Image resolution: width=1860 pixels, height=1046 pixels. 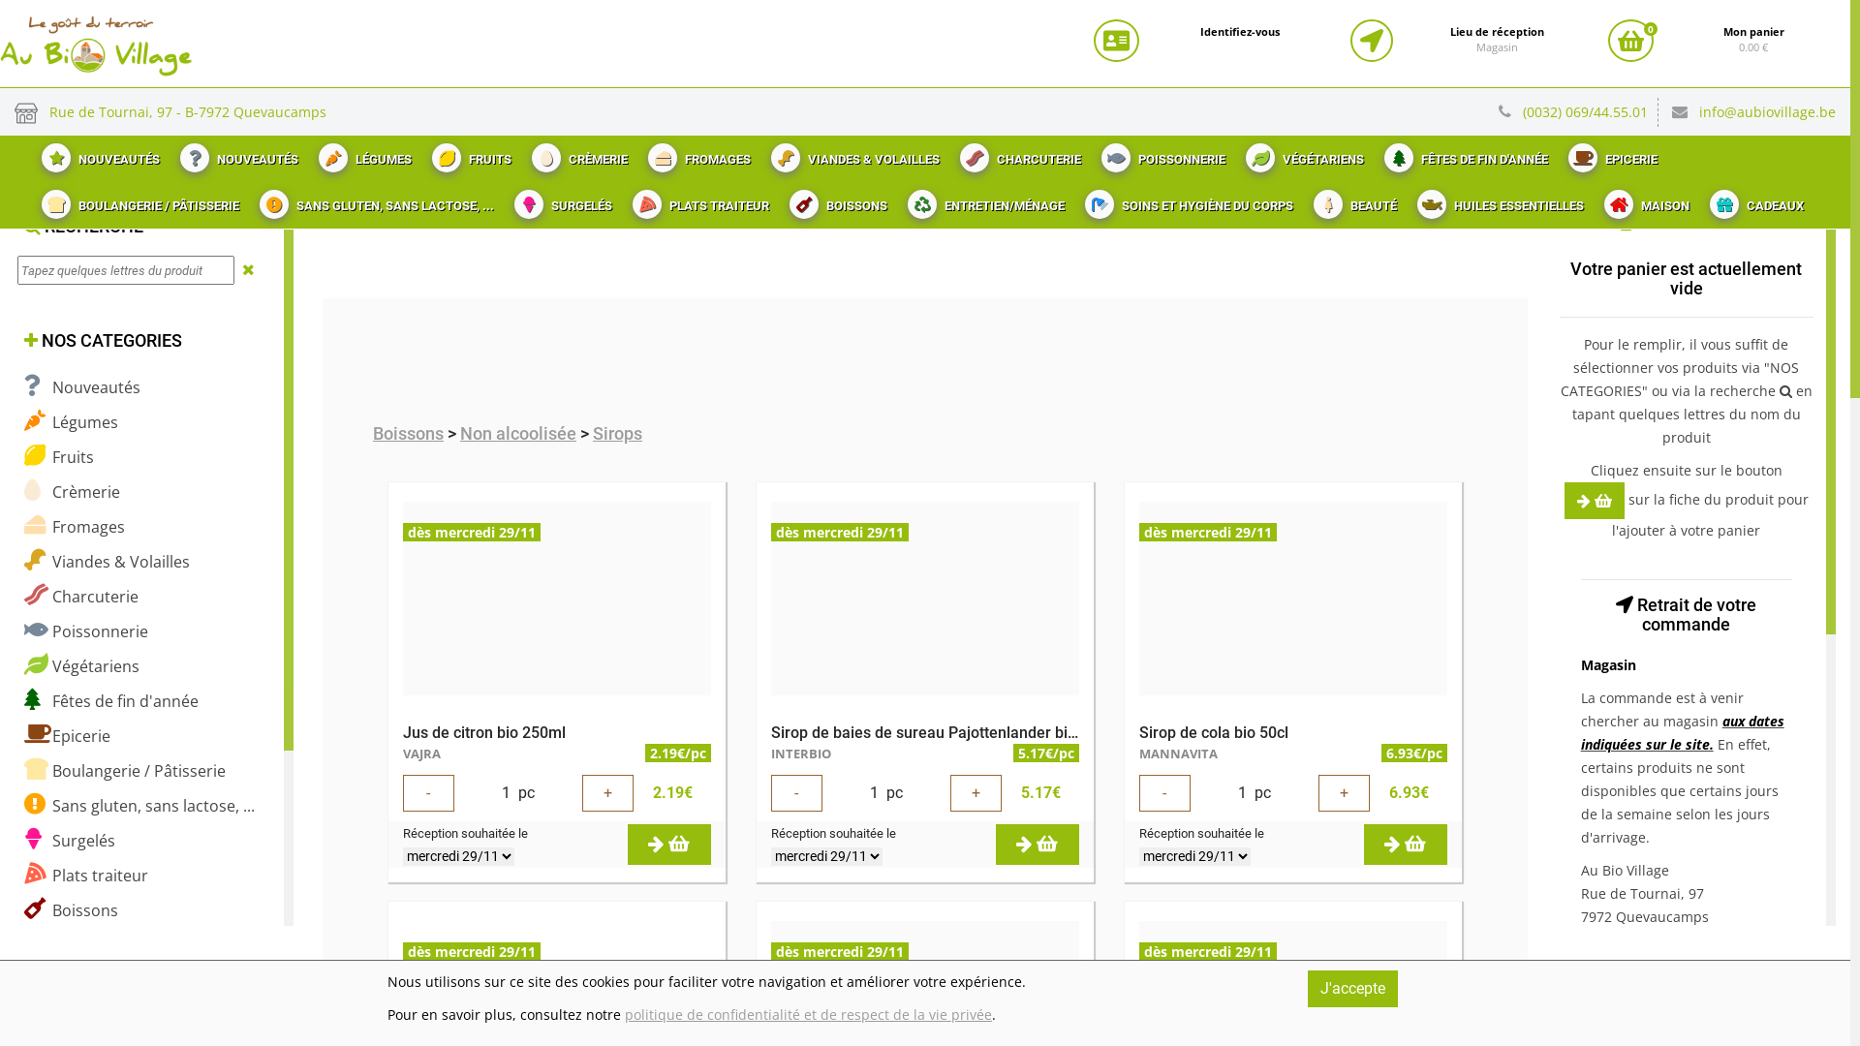 What do you see at coordinates (85, 875) in the screenshot?
I see `'Plats traiteur'` at bounding box center [85, 875].